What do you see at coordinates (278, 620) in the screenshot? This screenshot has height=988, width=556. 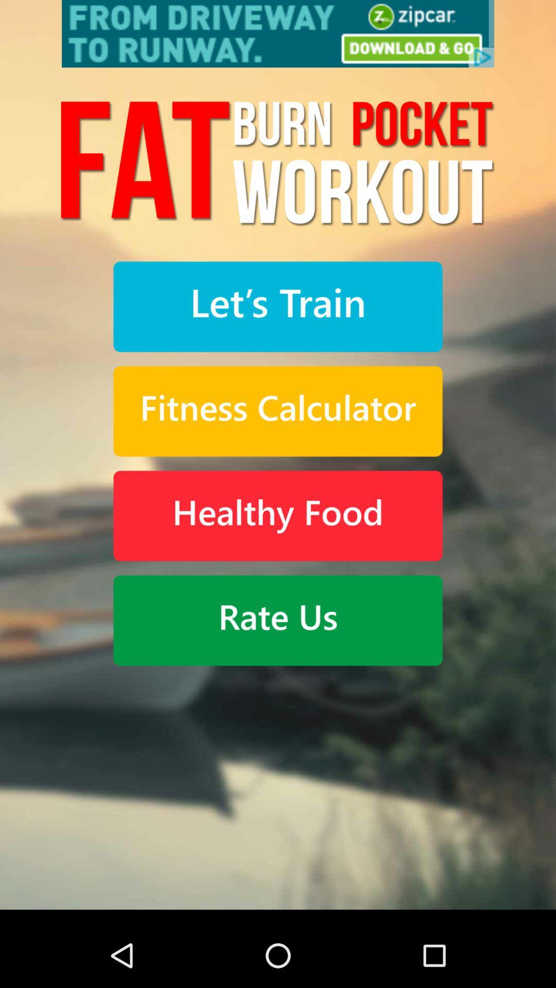 I see `rate us action` at bounding box center [278, 620].